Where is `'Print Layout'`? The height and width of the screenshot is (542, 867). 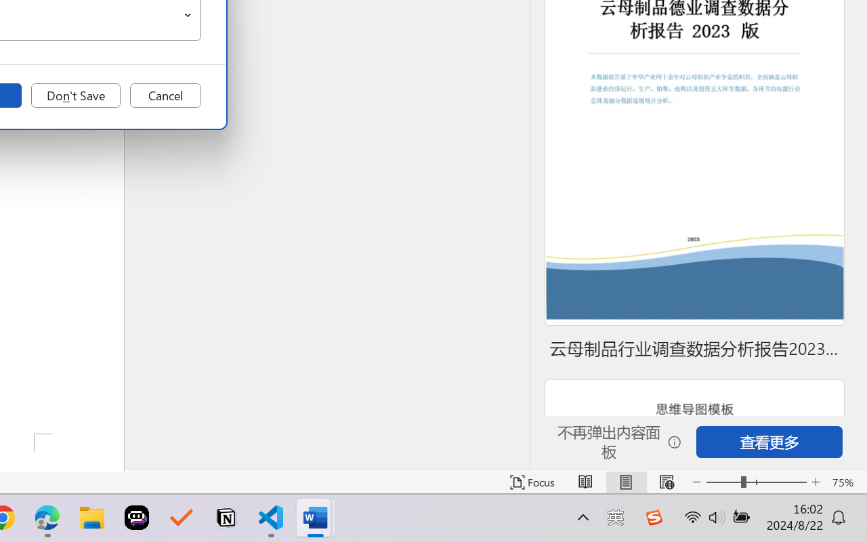 'Print Layout' is located at coordinates (625, 482).